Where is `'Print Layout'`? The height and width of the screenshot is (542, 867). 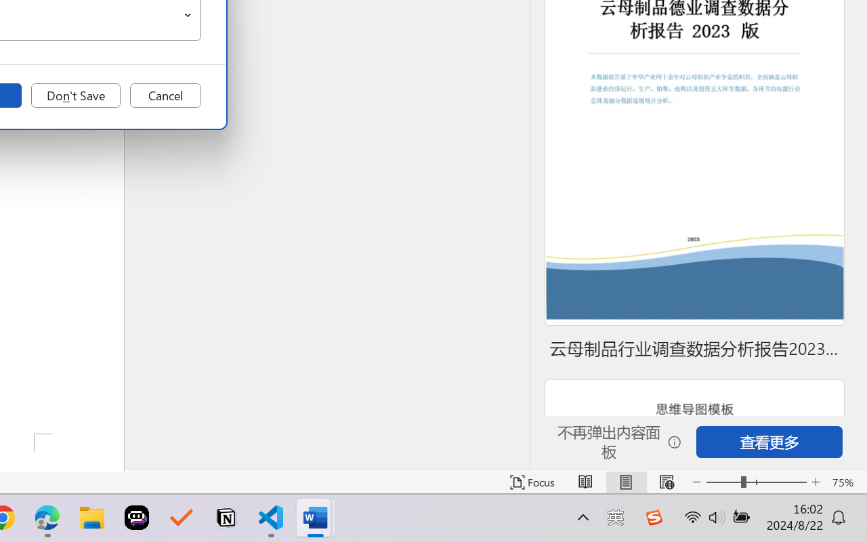 'Print Layout' is located at coordinates (625, 482).